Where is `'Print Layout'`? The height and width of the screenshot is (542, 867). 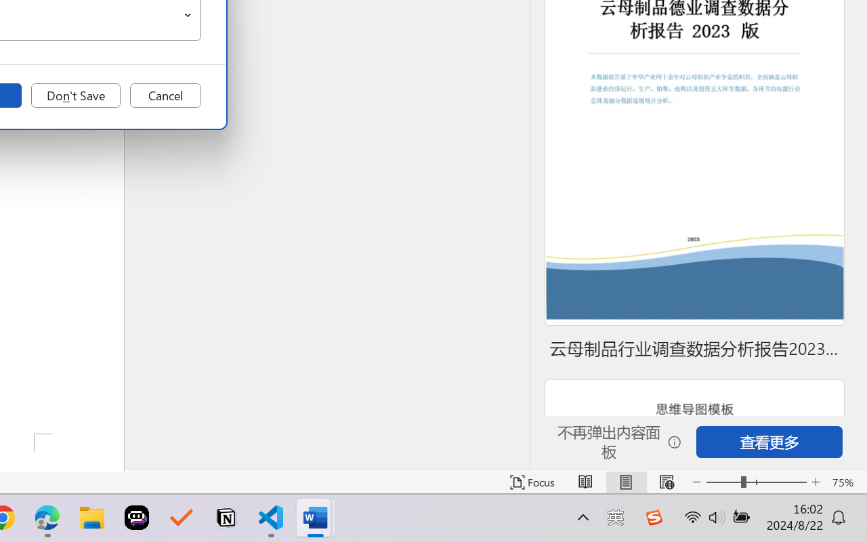 'Print Layout' is located at coordinates (625, 482).